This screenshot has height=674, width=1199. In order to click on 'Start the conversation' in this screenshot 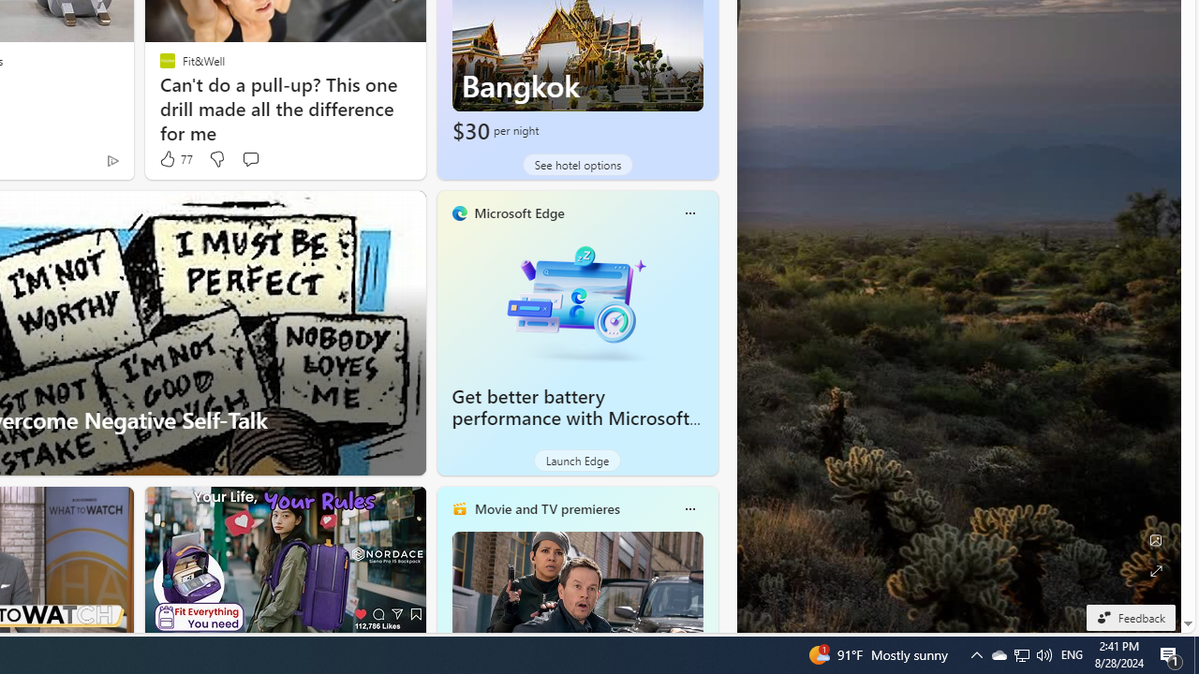, I will do `click(249, 158)`.